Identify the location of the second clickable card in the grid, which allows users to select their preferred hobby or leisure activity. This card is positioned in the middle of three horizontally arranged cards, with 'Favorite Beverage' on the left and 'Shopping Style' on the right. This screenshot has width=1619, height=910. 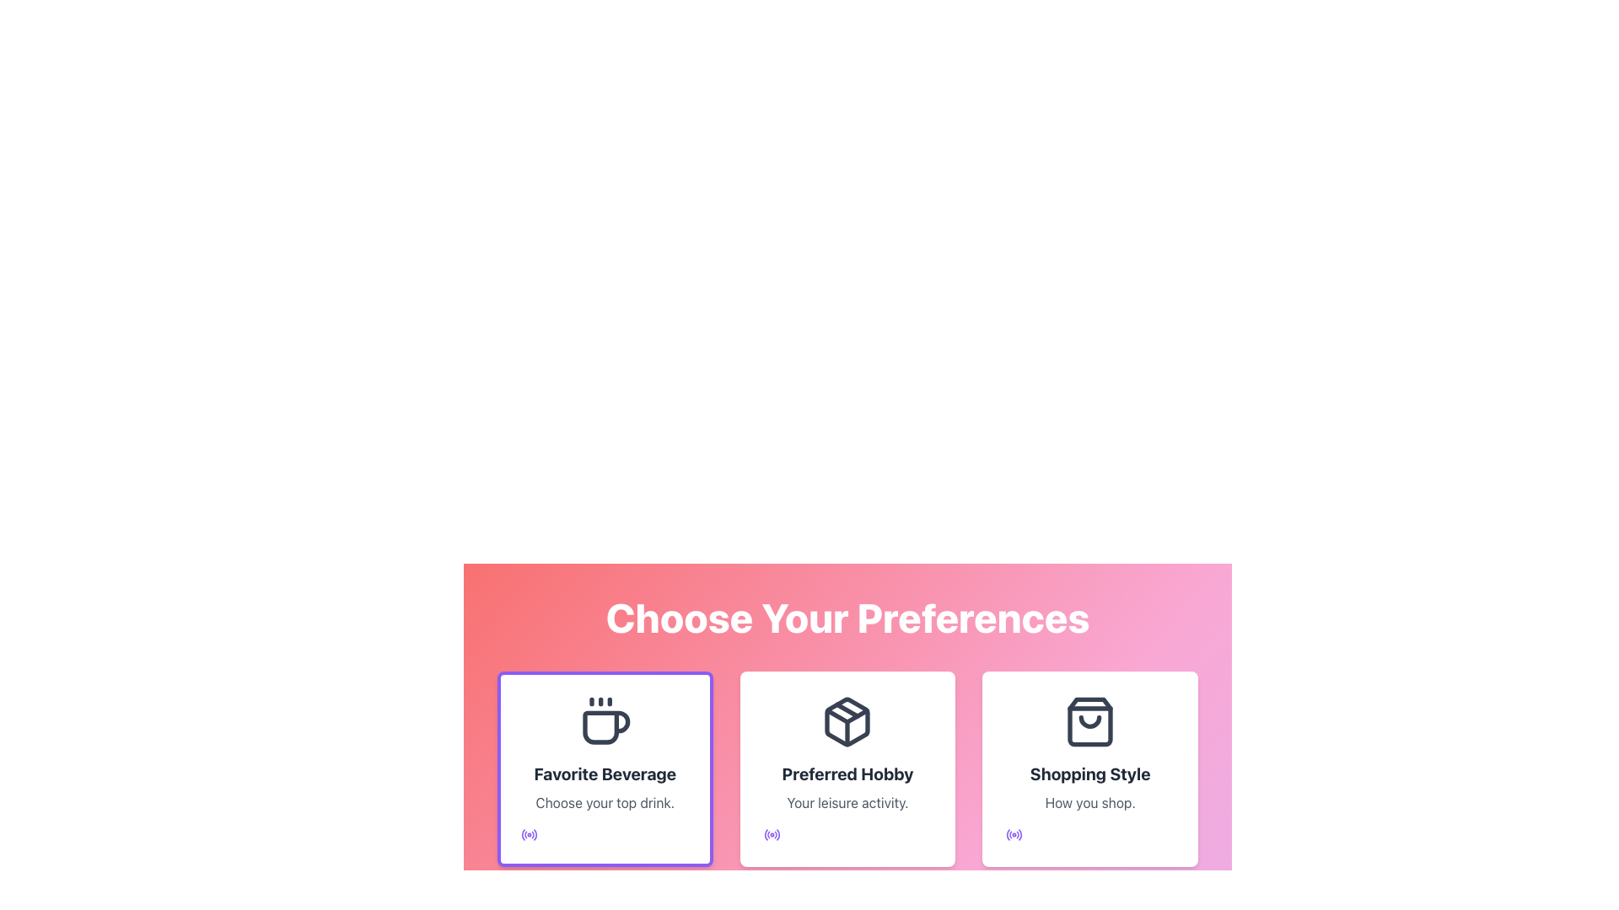
(847, 769).